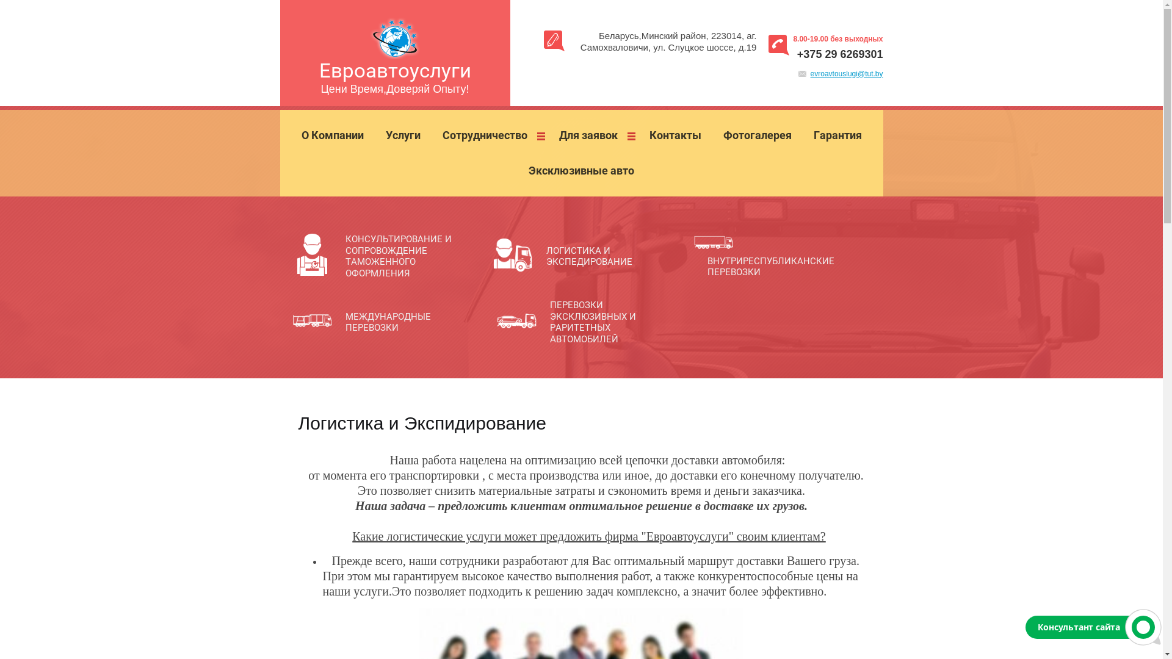 This screenshot has height=659, width=1172. Describe the element at coordinates (839, 53) in the screenshot. I see `'+375 29 6269301'` at that location.